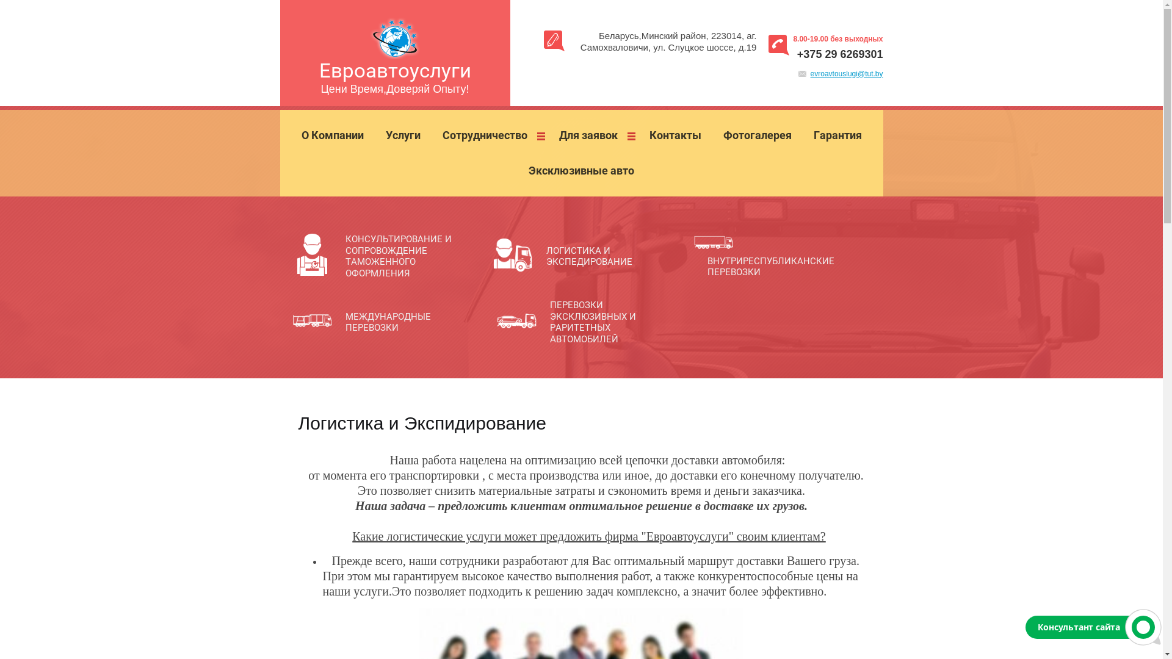 This screenshot has height=659, width=1172. Describe the element at coordinates (839, 53) in the screenshot. I see `'+375 29 6269301'` at that location.